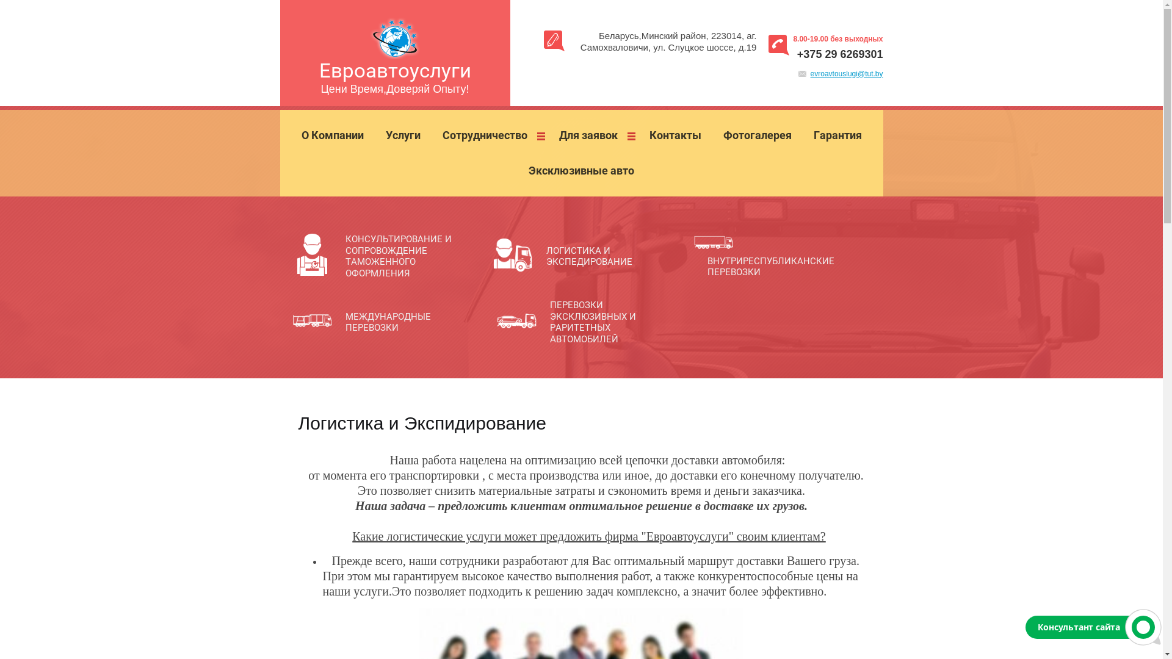 This screenshot has height=659, width=1172. Describe the element at coordinates (839, 53) in the screenshot. I see `'+375 29 6269301'` at that location.